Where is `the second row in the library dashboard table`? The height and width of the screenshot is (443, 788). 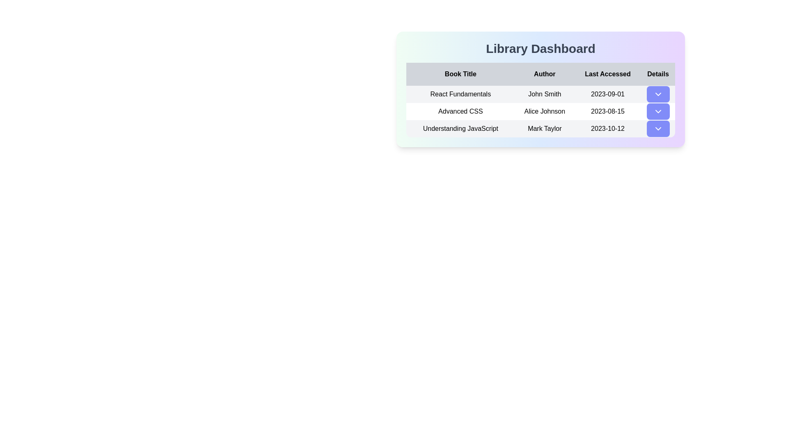 the second row in the library dashboard table is located at coordinates (541, 112).